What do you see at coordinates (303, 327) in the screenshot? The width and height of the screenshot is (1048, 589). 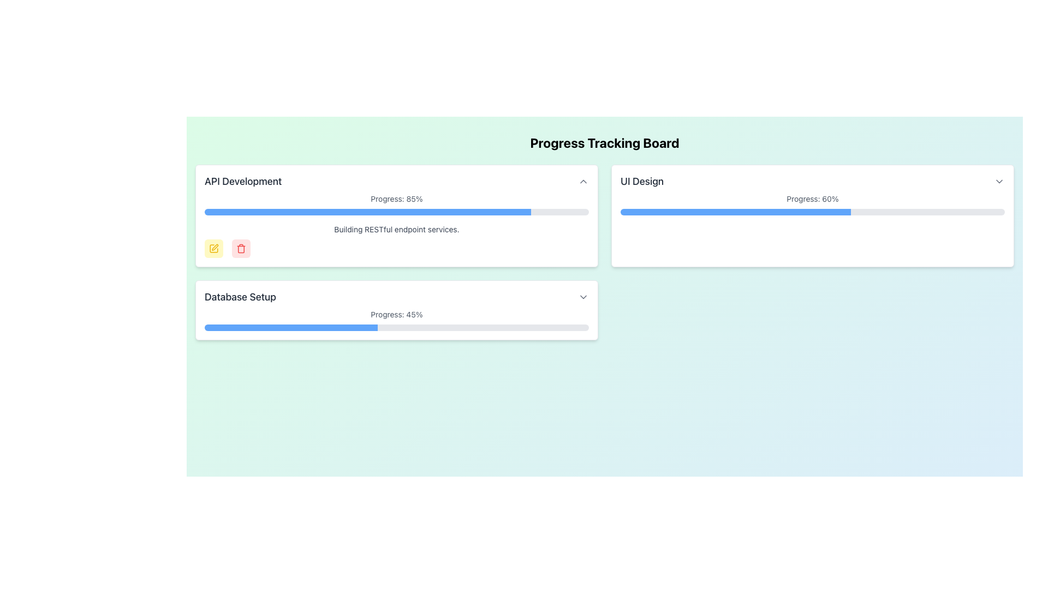 I see `the progress bar` at bounding box center [303, 327].